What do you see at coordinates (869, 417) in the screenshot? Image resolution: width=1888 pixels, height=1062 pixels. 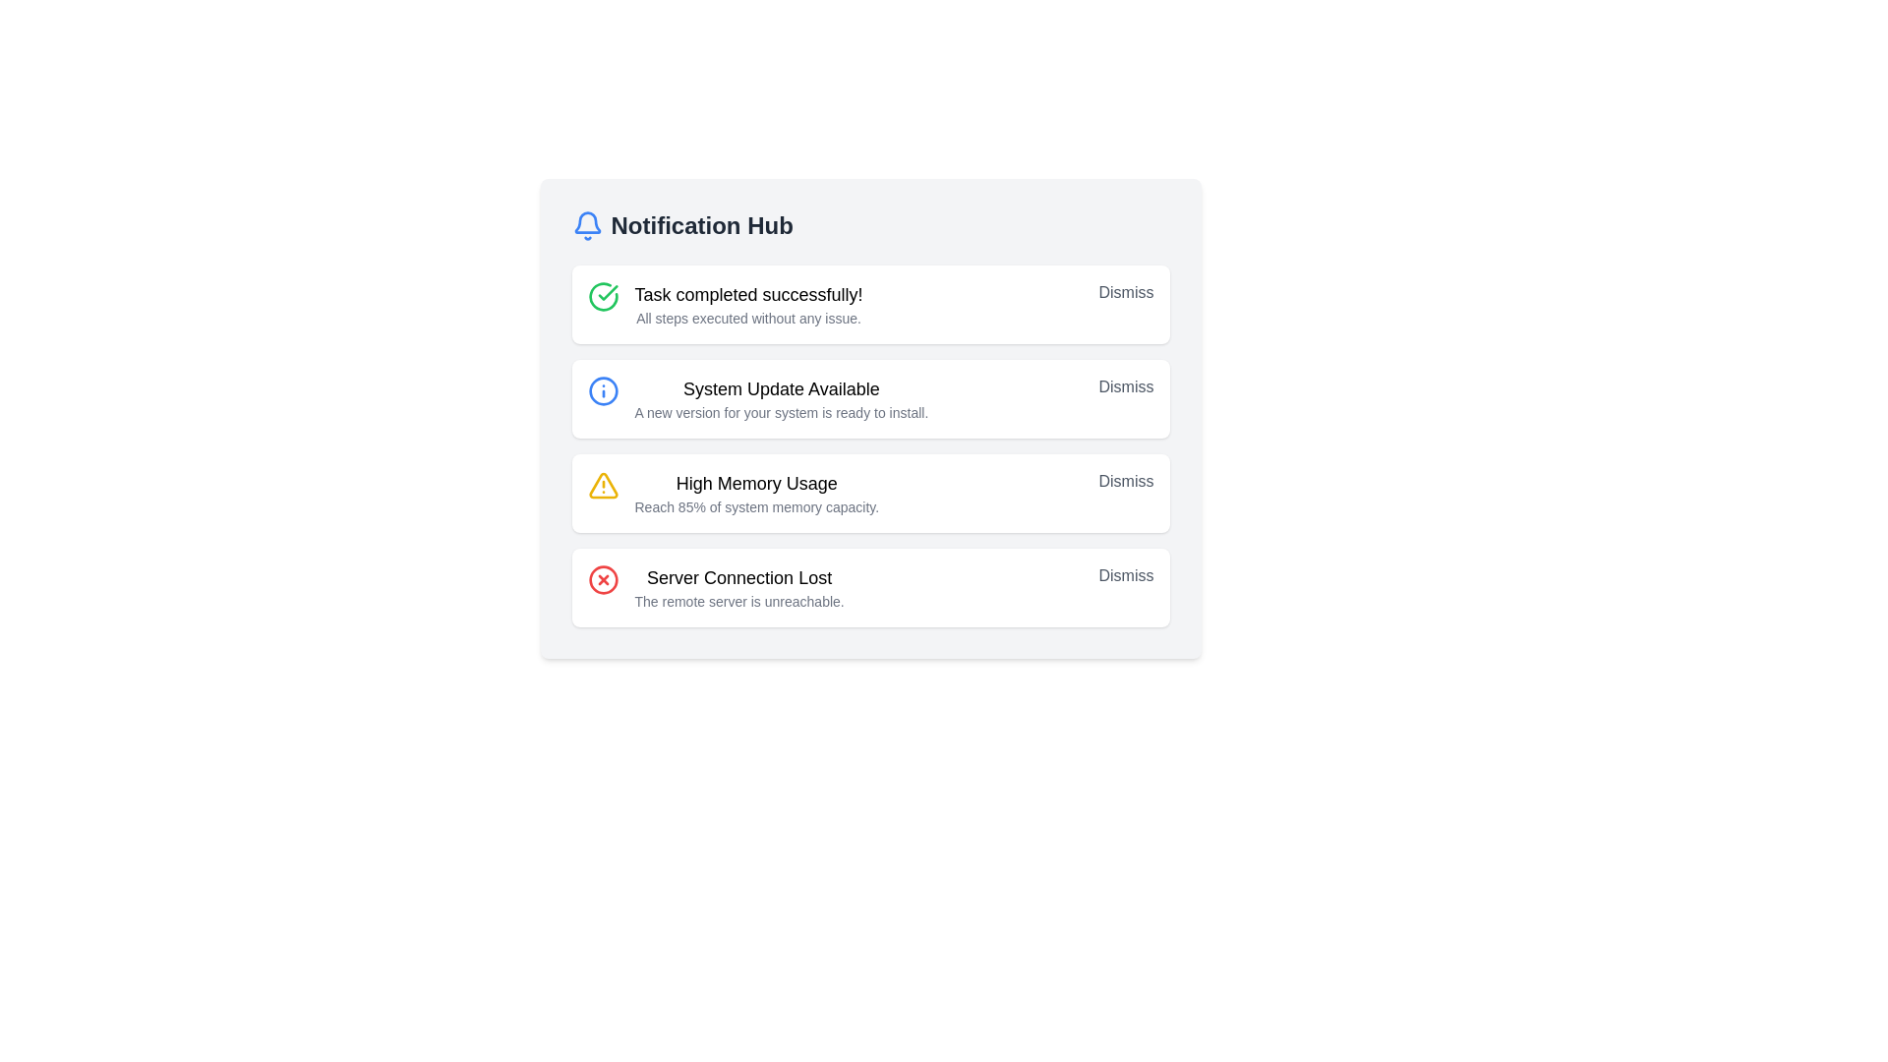 I see `details of the second notification card in the 'Notification Hub', which provides information about a system update` at bounding box center [869, 417].